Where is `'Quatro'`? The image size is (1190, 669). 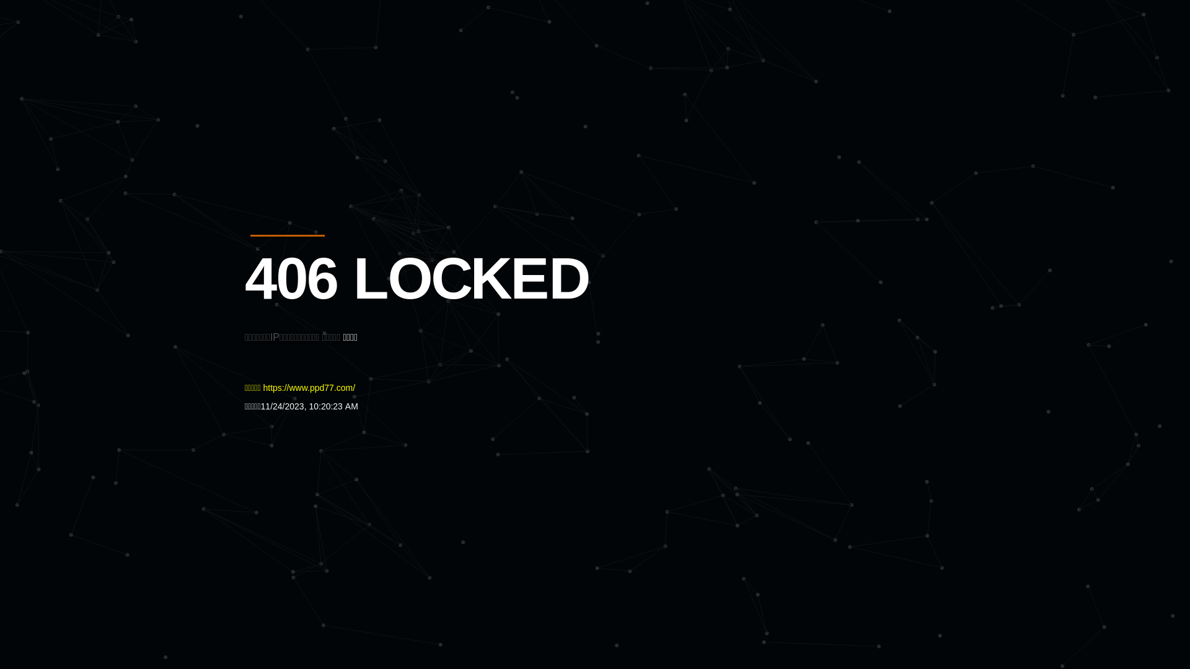 'Quatro' is located at coordinates (336, 71).